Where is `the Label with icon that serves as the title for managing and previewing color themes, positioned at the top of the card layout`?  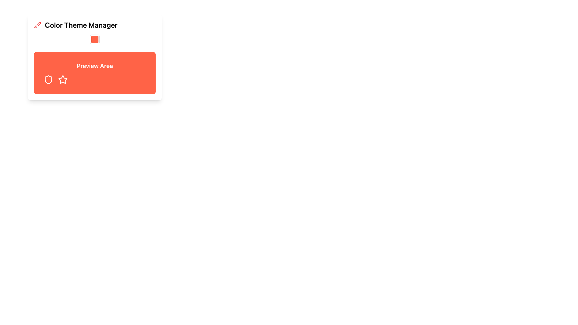 the Label with icon that serves as the title for managing and previewing color themes, positioned at the top of the card layout is located at coordinates (95, 25).